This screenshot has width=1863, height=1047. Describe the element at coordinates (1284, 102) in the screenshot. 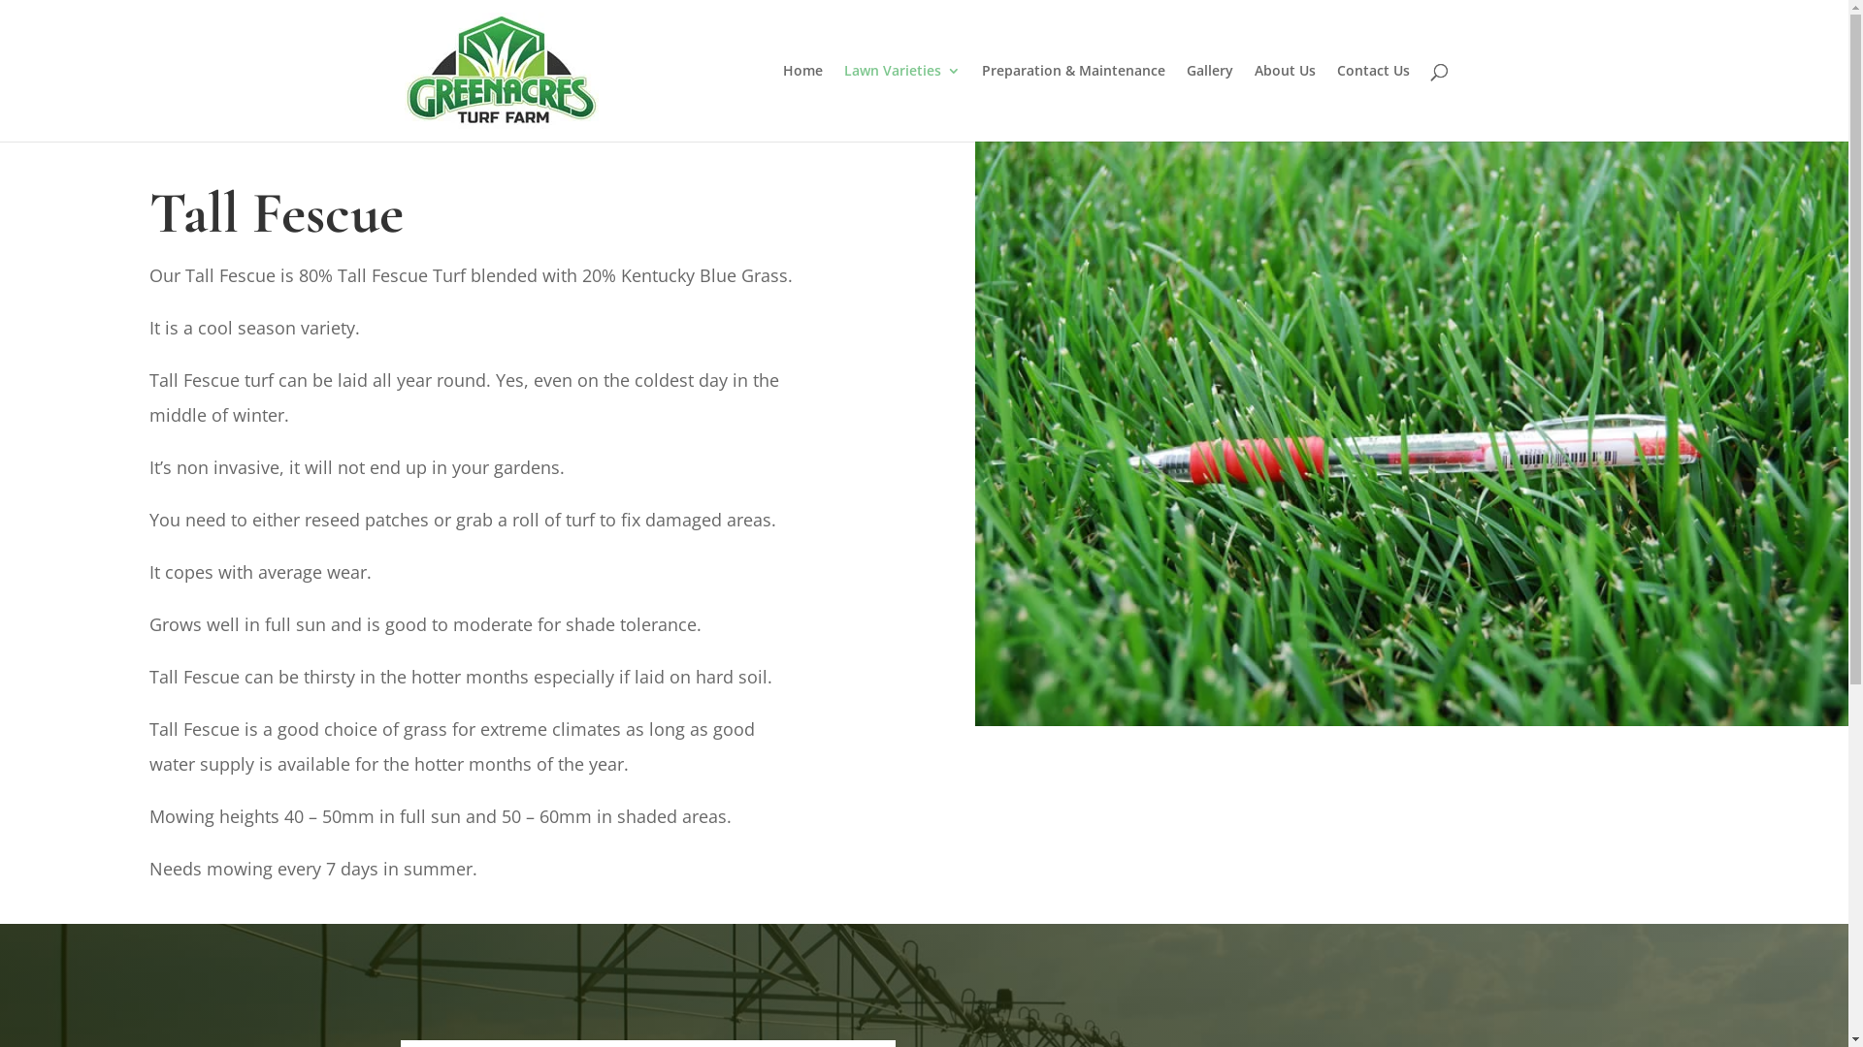

I see `'About Us'` at that location.